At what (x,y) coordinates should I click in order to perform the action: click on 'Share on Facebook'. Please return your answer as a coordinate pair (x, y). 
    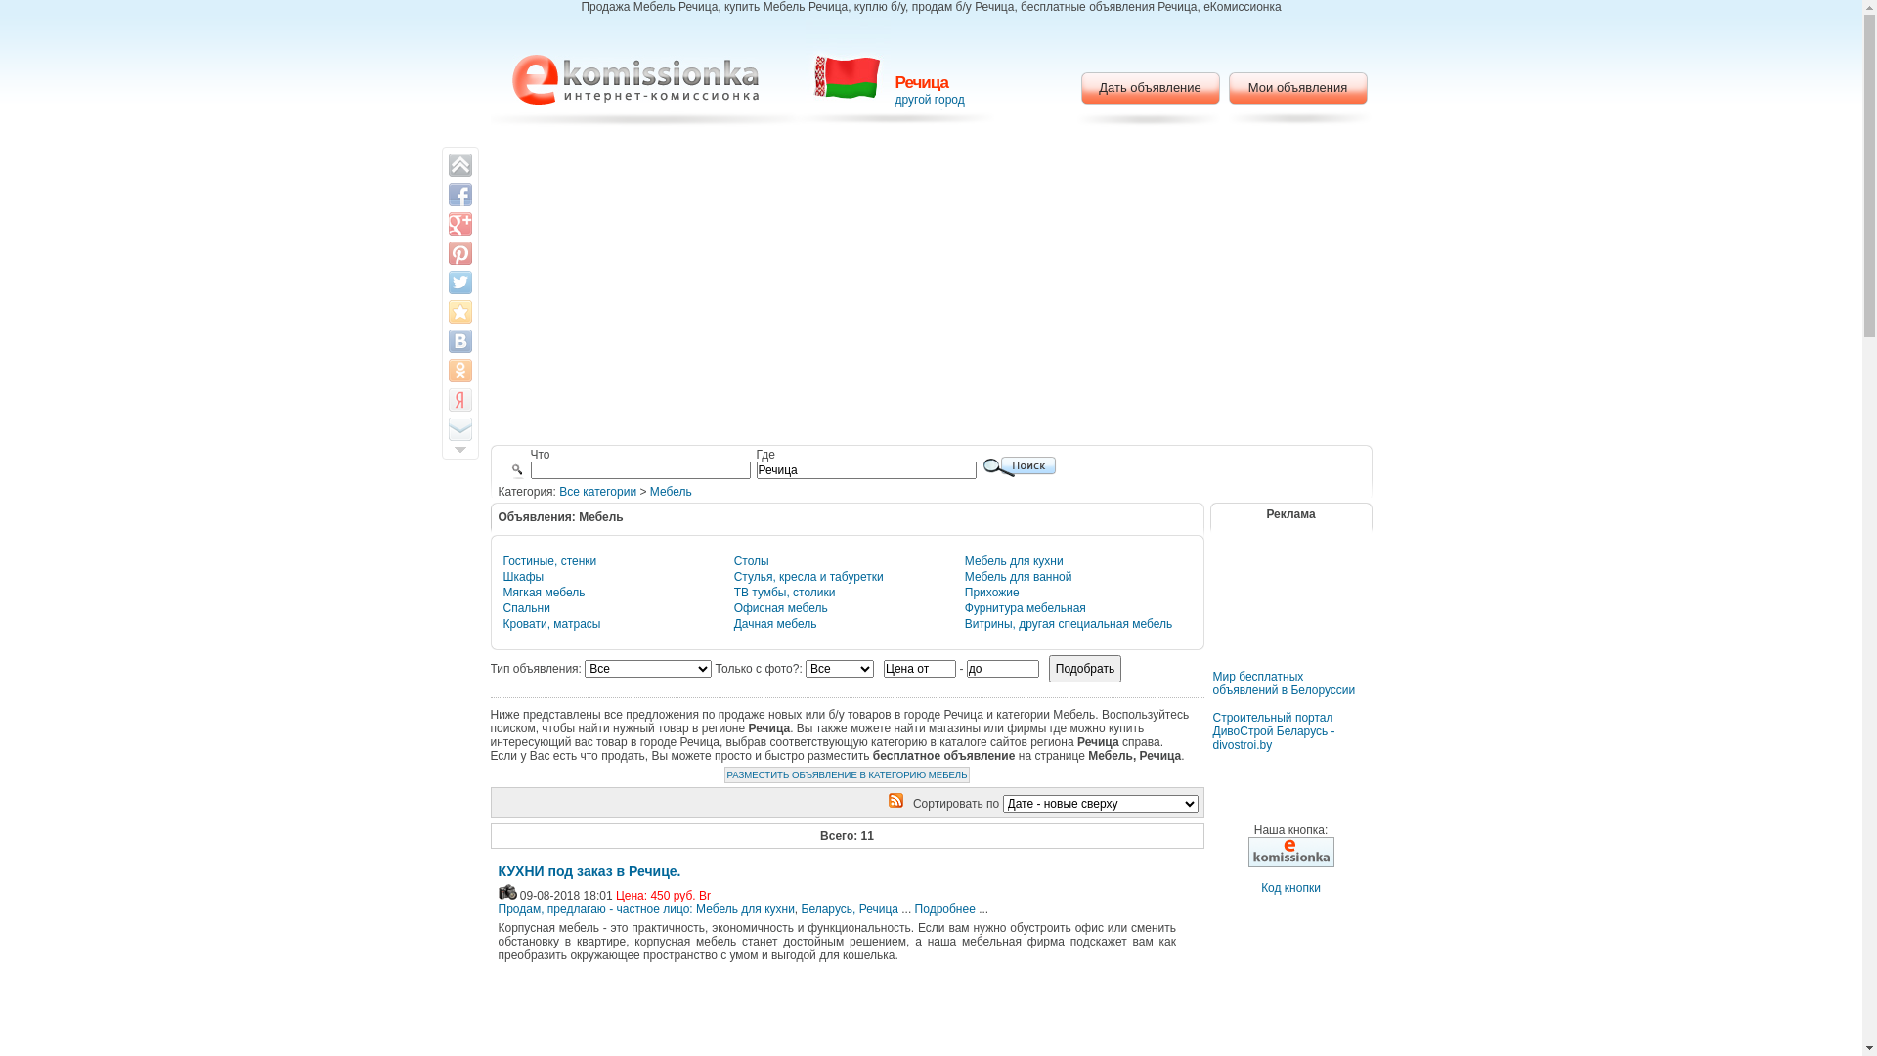
    Looking at the image, I should click on (458, 195).